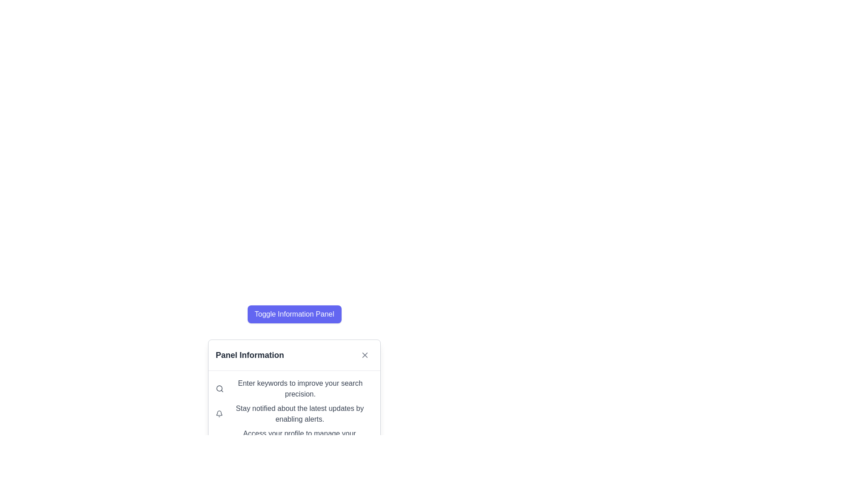 This screenshot has width=863, height=485. I want to click on informational text element containing the search icon and the message 'Enter keywords to improve your search precision.', so click(294, 388).